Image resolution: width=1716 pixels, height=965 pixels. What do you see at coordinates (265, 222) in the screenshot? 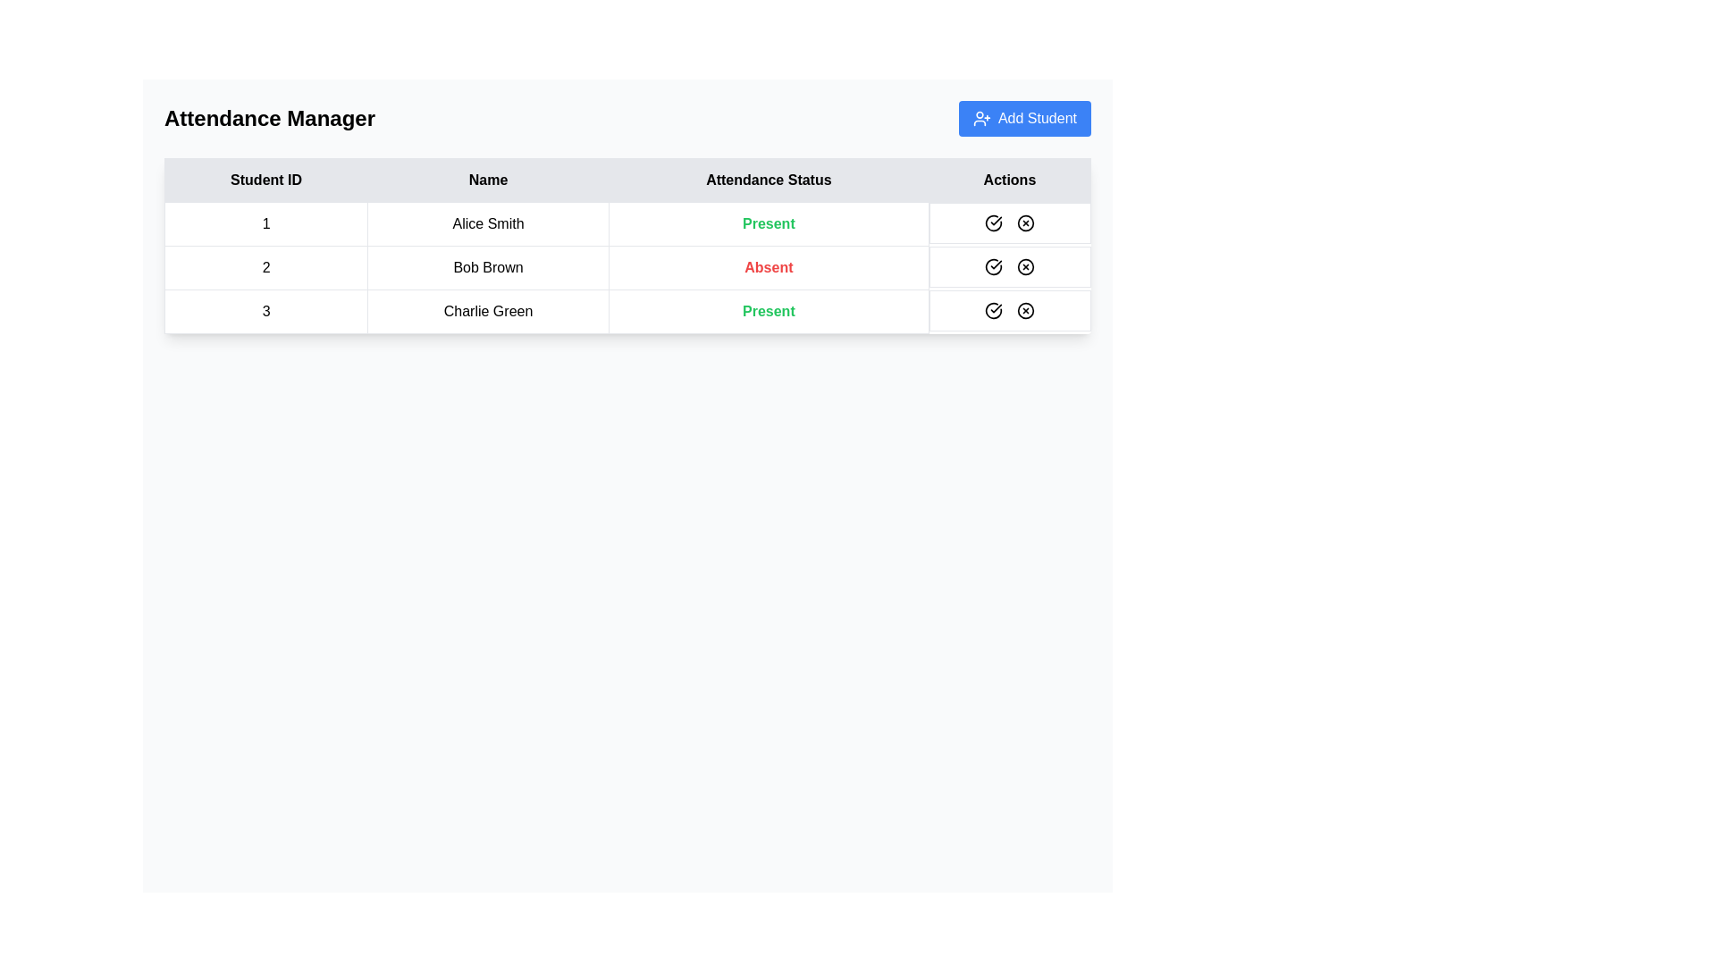
I see `the static text element containing the text '1' in the first cell of the 'Student ID' column in the attendance table, assigned to 'Alice Smith'` at bounding box center [265, 222].